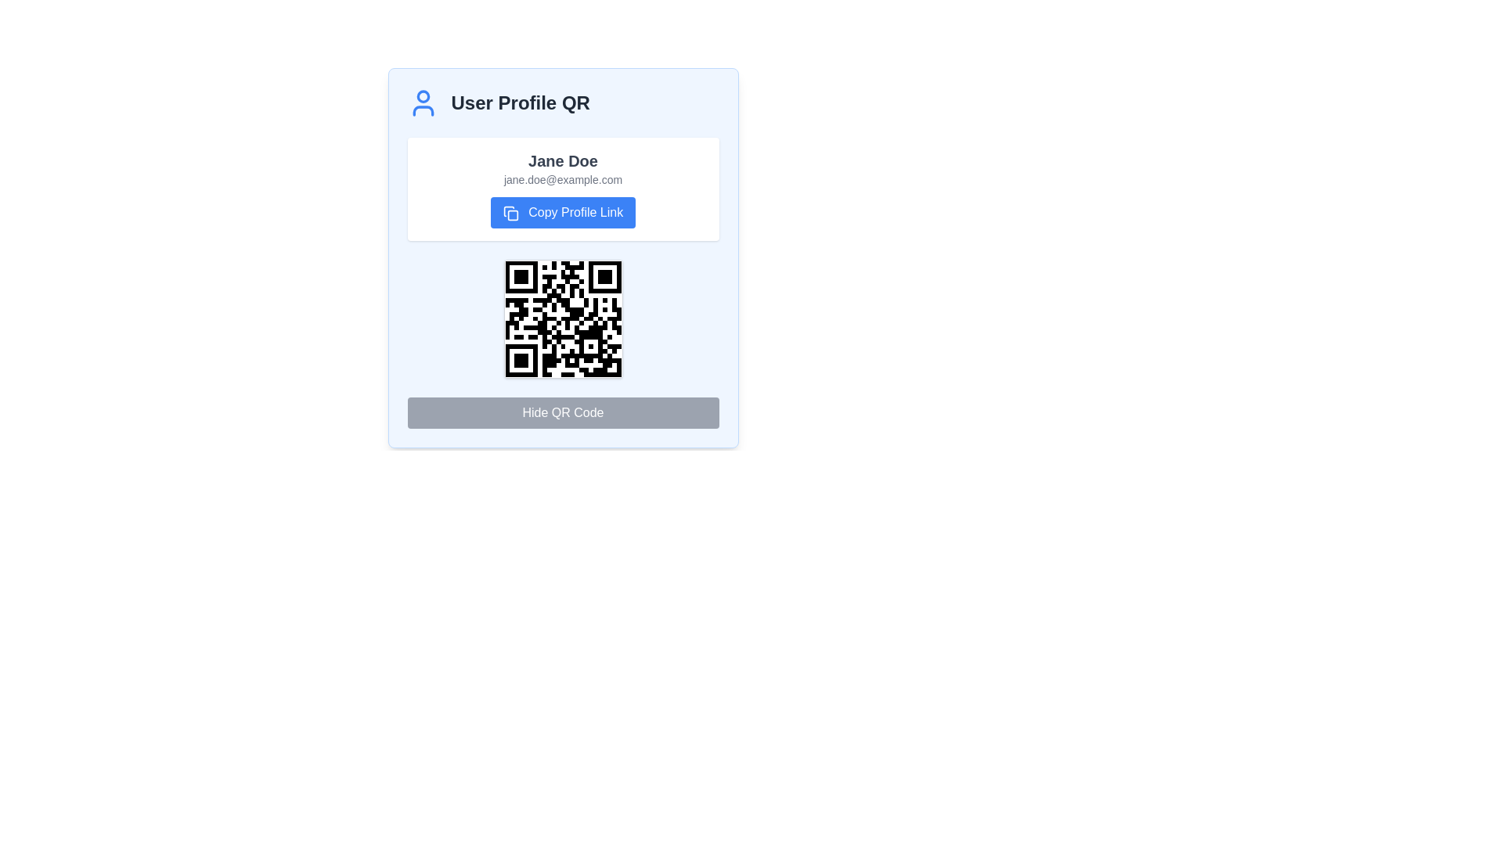 The image size is (1503, 845). What do you see at coordinates (510, 213) in the screenshot?
I see `the SVG icon that visually represents the action of copying a profile link, located inside the blue button labeled 'Copy Profile Link'` at bounding box center [510, 213].